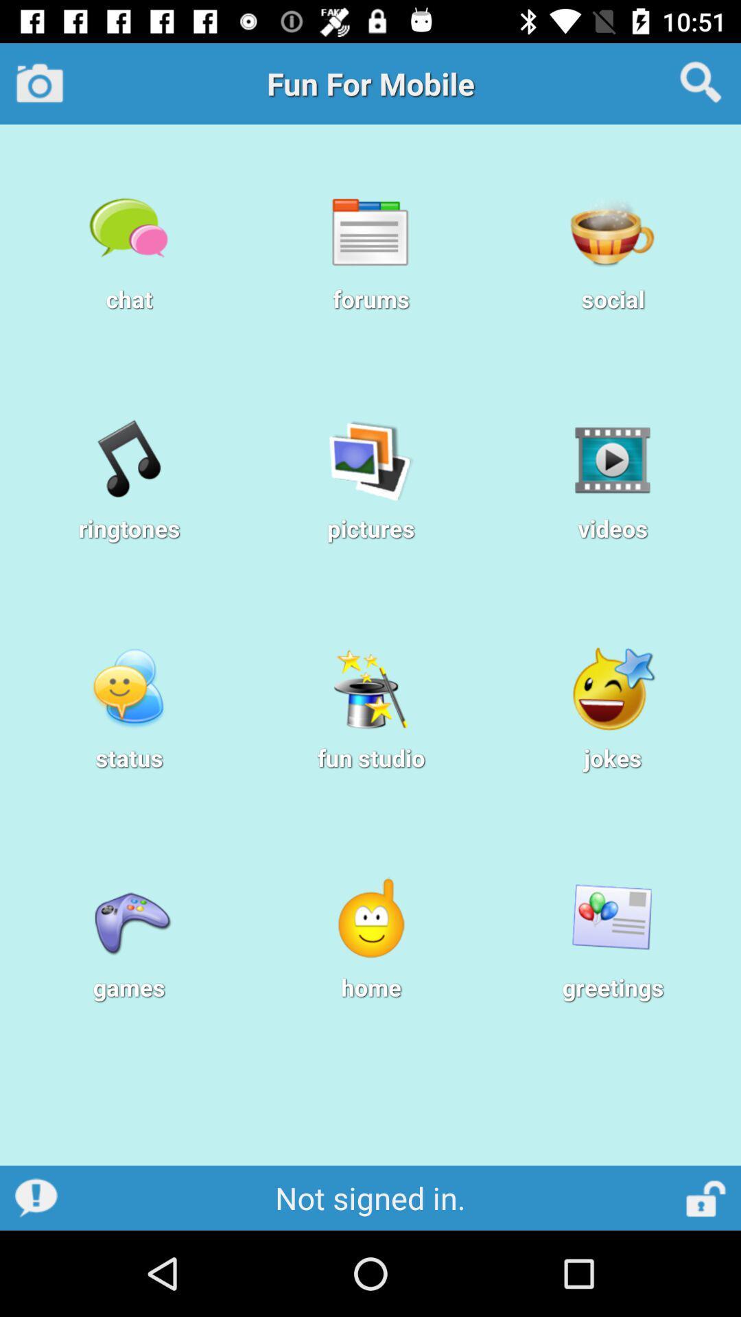 This screenshot has height=1317, width=741. I want to click on the icon above the ringtones, so click(129, 460).